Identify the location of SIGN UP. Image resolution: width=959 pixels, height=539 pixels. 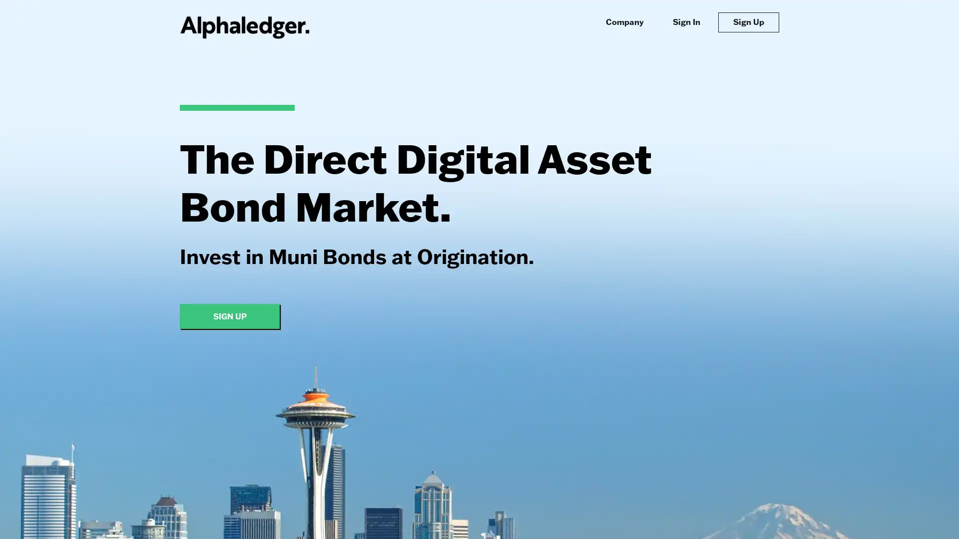
(229, 316).